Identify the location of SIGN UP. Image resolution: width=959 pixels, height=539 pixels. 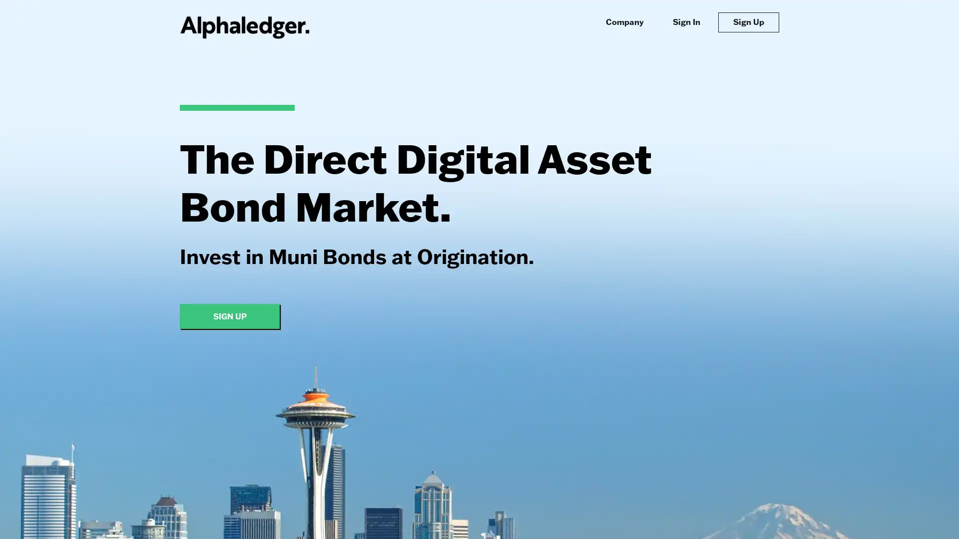
(229, 316).